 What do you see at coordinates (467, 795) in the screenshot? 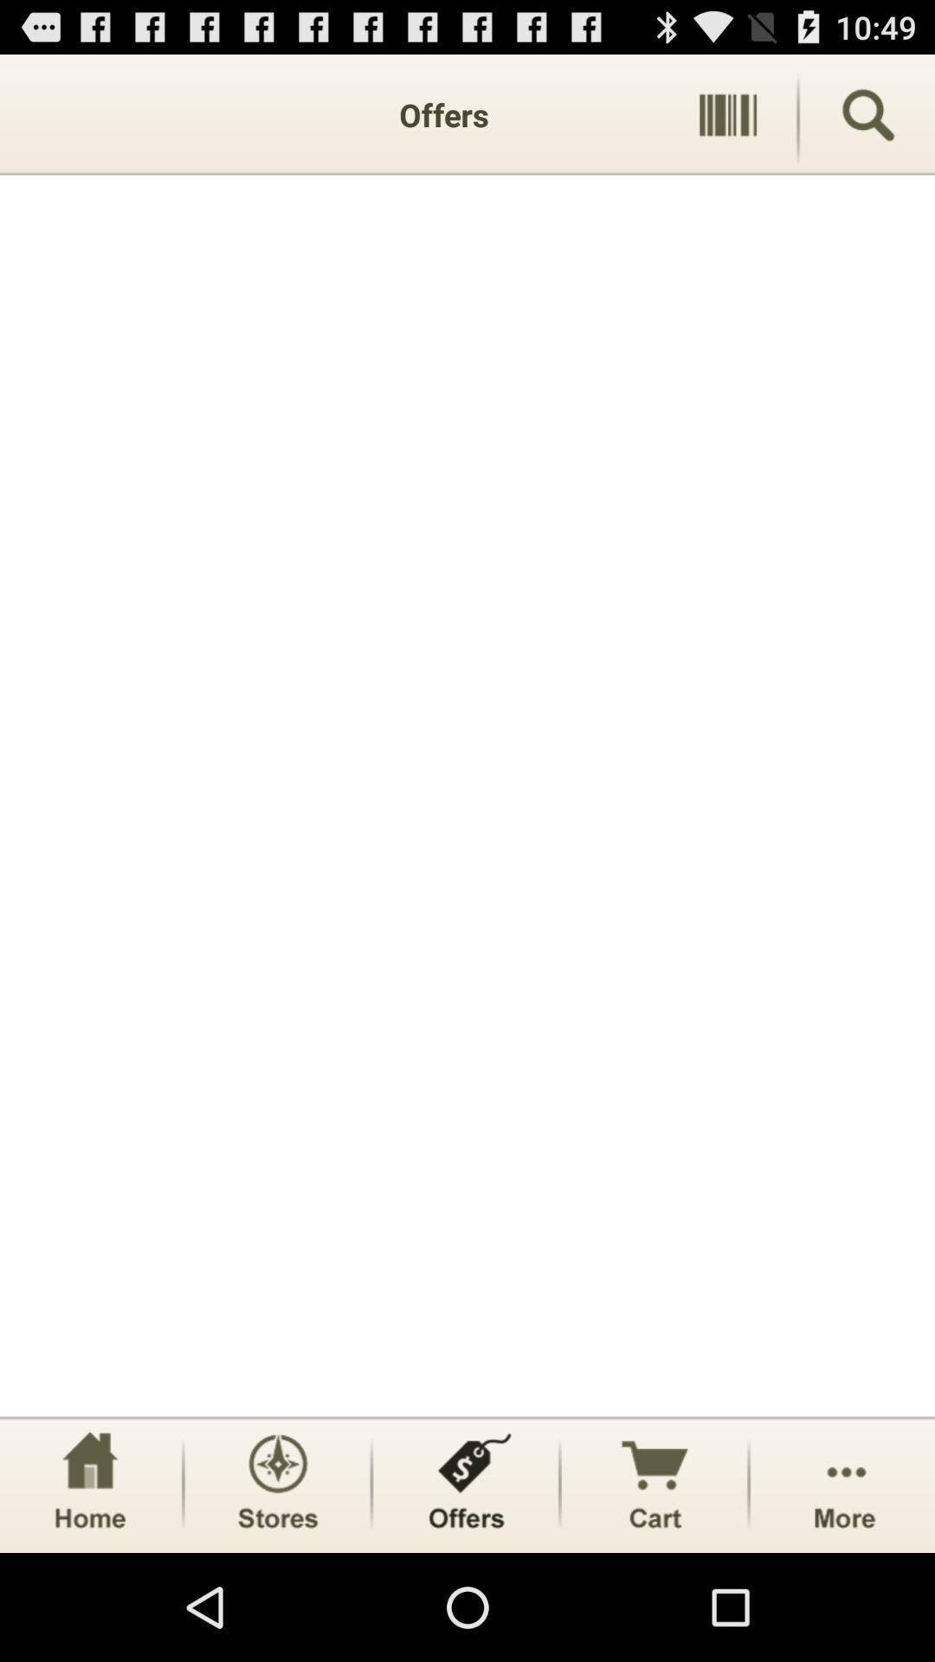
I see `item at the center` at bounding box center [467, 795].